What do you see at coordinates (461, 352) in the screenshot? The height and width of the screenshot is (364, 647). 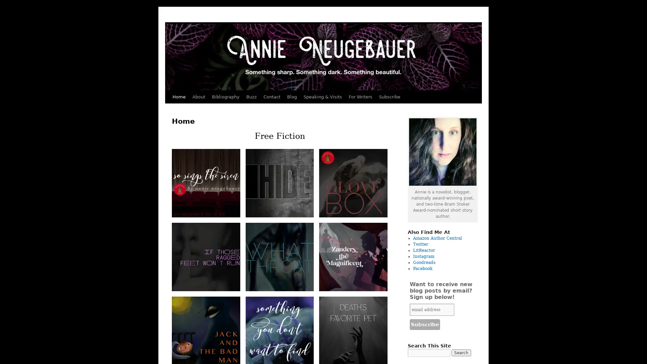 I see `Search` at bounding box center [461, 352].